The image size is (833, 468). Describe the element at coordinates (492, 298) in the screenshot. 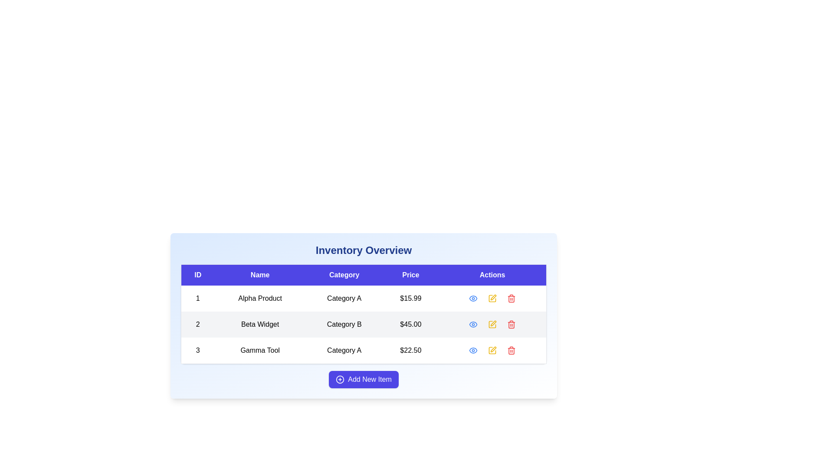

I see `the action buttons in the last column of the first row of the table for 'Alpha Product' in 'Category A'` at that location.